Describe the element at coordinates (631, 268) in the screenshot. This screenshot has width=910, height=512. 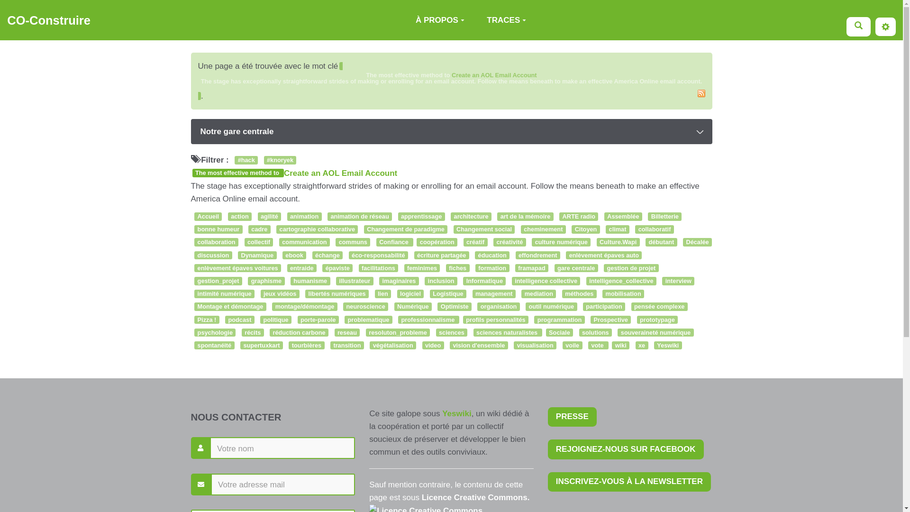
I see `'gestion de projet'` at that location.